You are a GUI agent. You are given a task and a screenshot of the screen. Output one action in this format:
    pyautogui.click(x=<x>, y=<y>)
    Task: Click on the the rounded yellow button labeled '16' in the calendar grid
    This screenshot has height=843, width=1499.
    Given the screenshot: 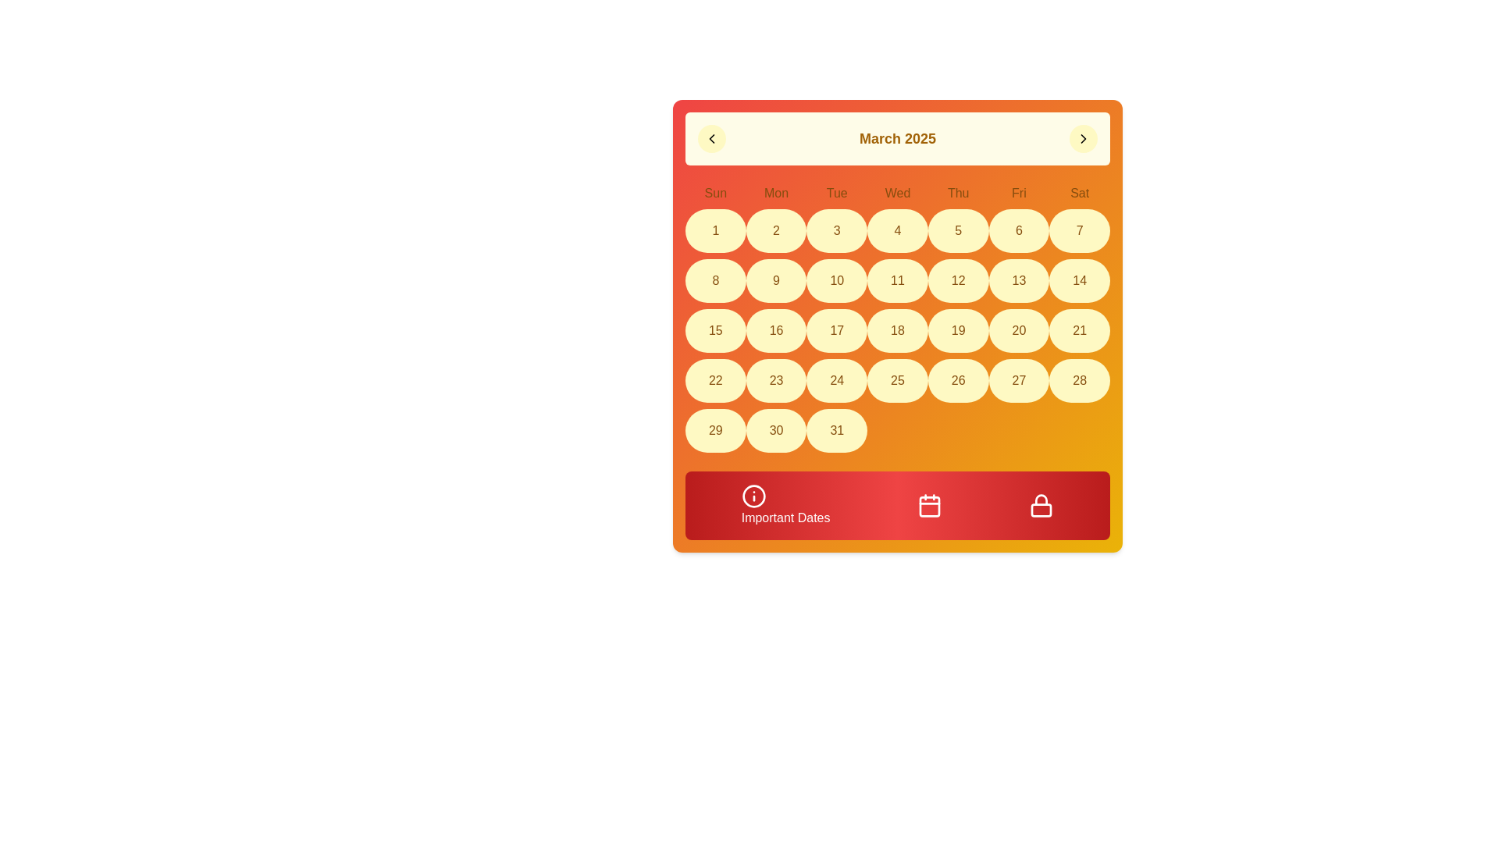 What is the action you would take?
    pyautogui.click(x=776, y=330)
    